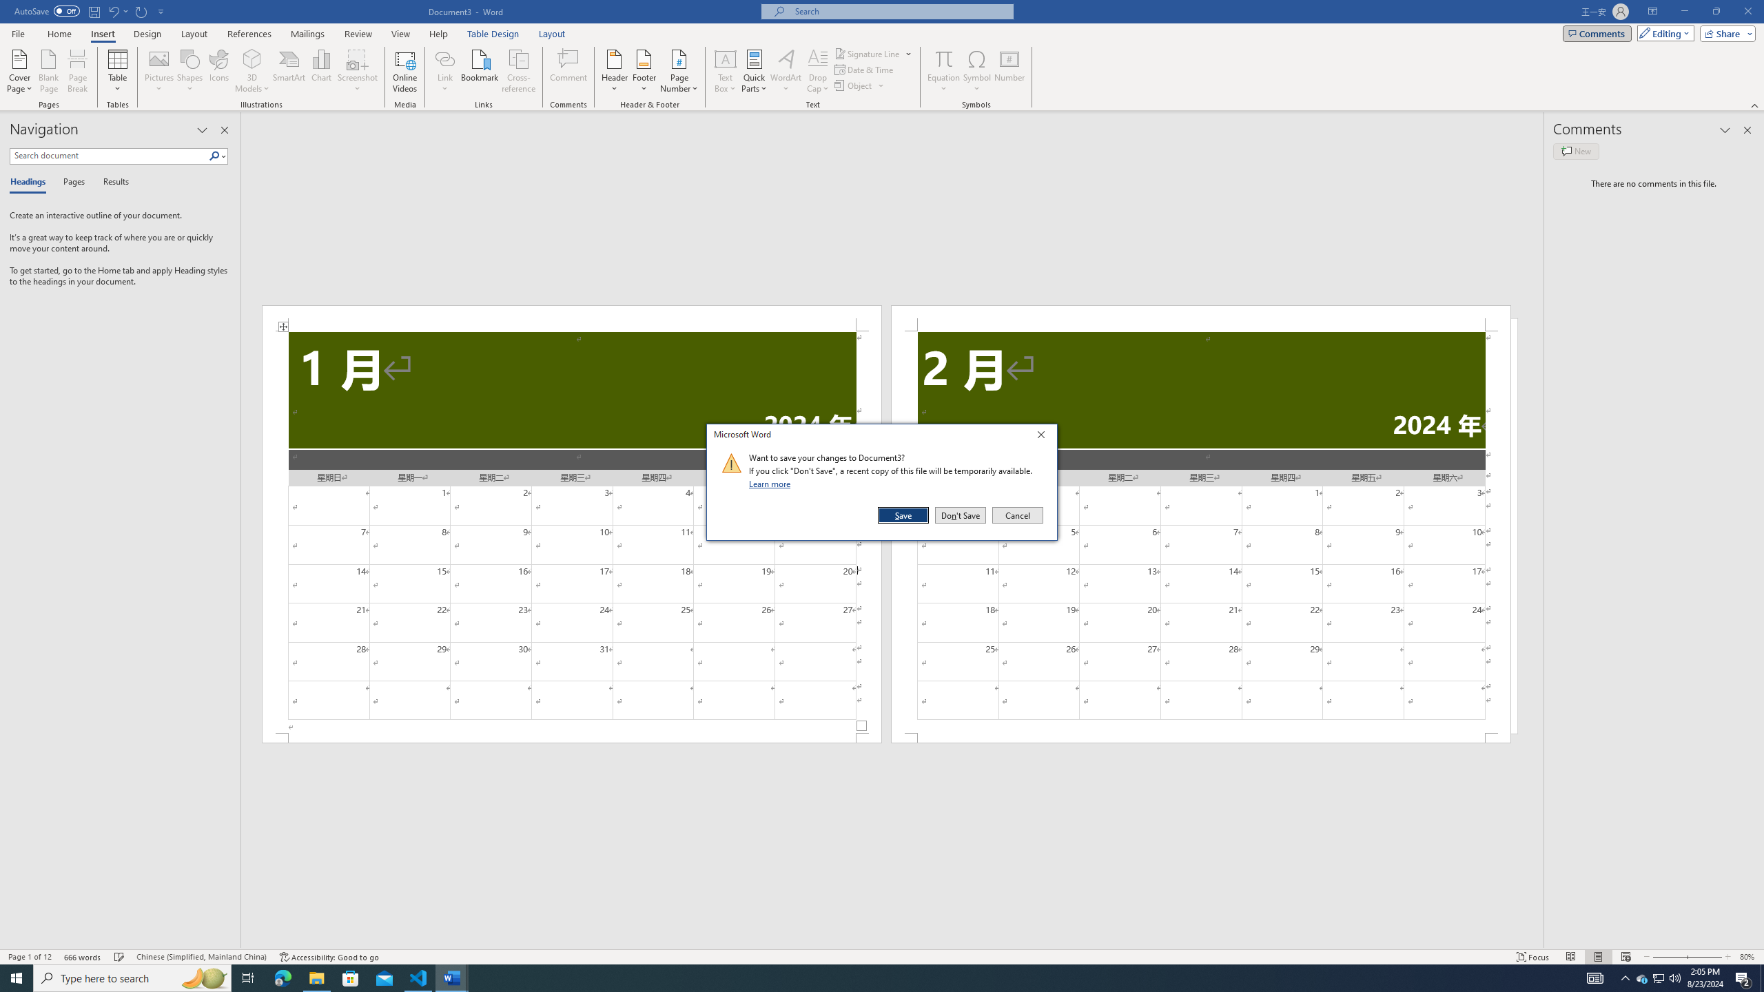  Describe the element at coordinates (252, 58) in the screenshot. I see `'3D Models'` at that location.